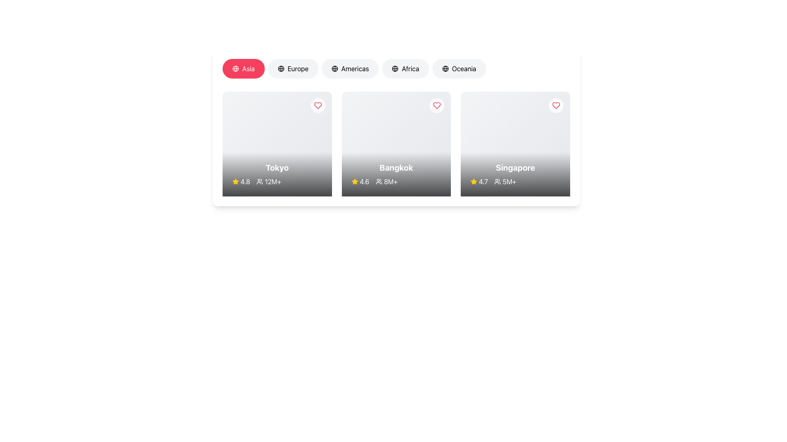 This screenshot has height=442, width=787. What do you see at coordinates (235, 68) in the screenshot?
I see `the icon associated with the 'Asia' button in the navigation bar, which has a red background and white text, indicating its functionality for filtering or selecting Asian-related content` at bounding box center [235, 68].